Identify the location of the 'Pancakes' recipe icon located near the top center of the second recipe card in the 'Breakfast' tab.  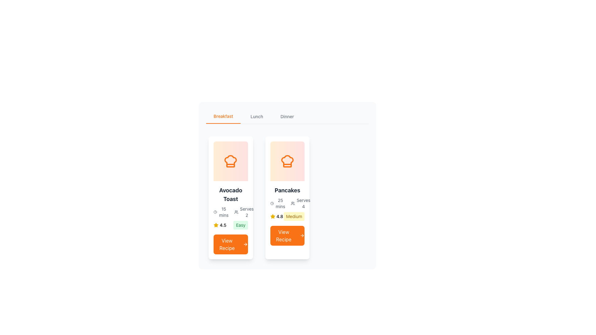
(287, 161).